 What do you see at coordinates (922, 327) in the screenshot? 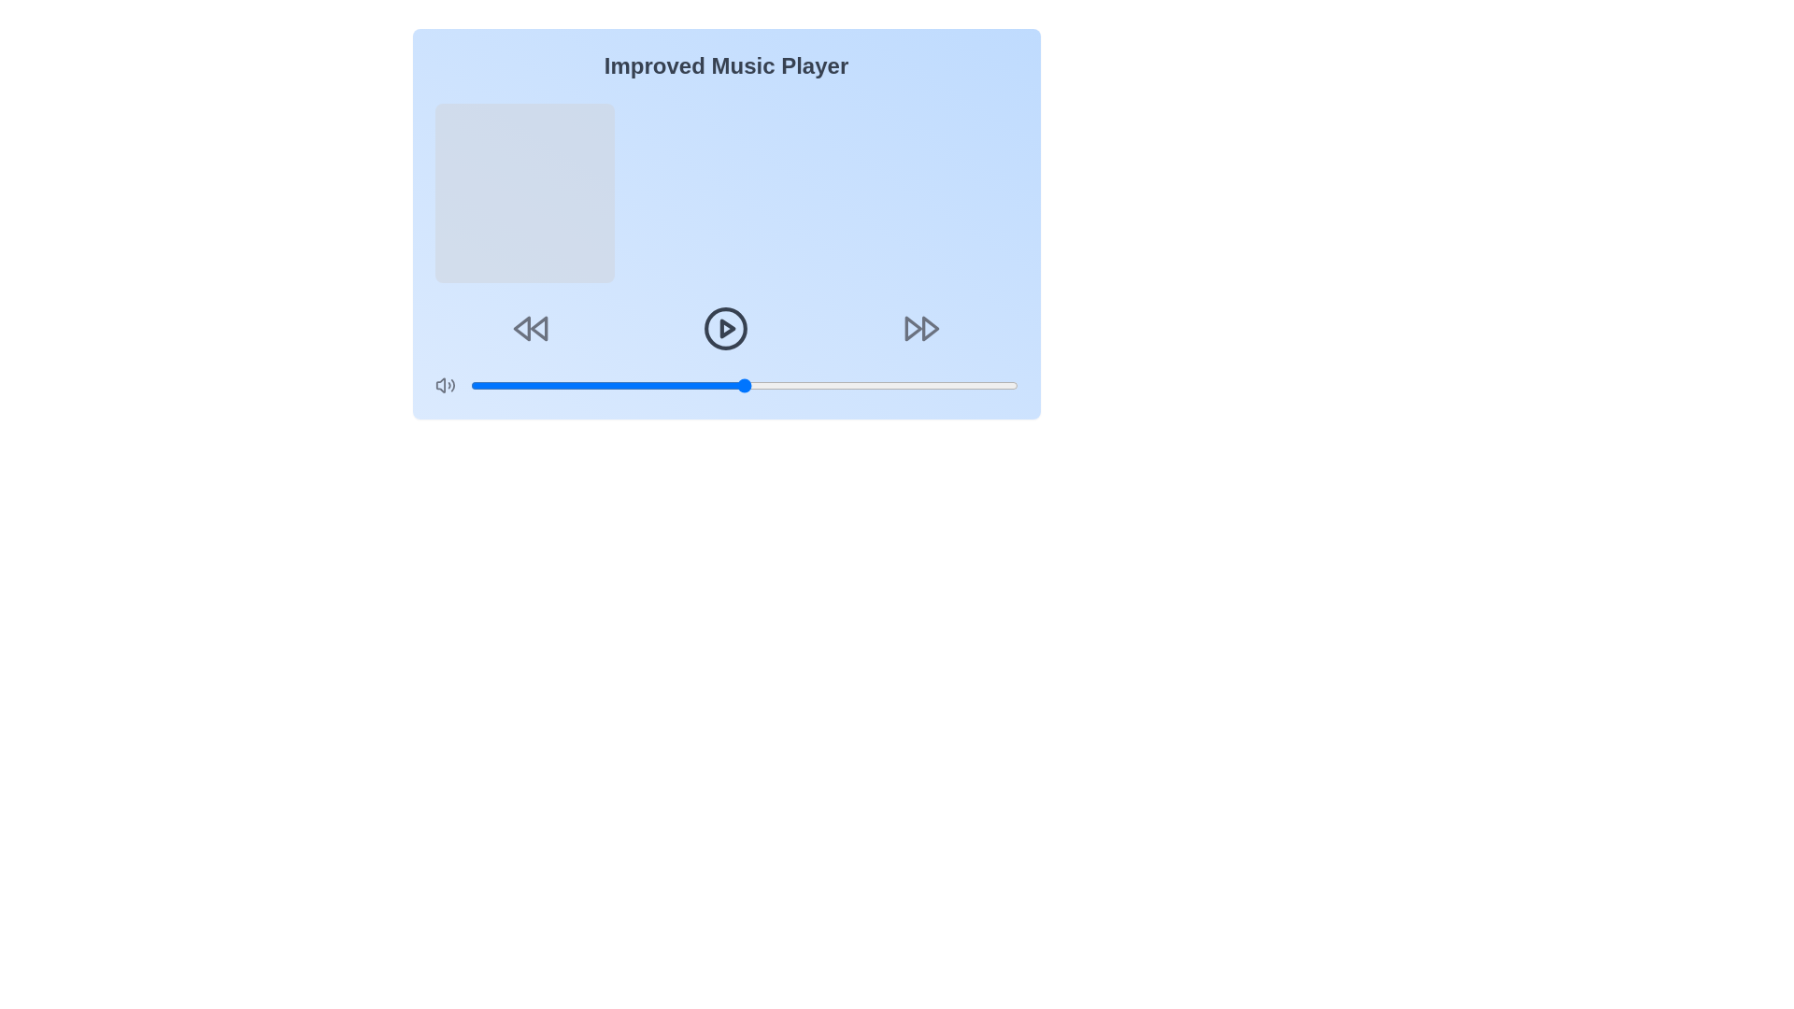
I see `the 'fast forward' button located at the far right of the music player control icons to change its color` at bounding box center [922, 327].